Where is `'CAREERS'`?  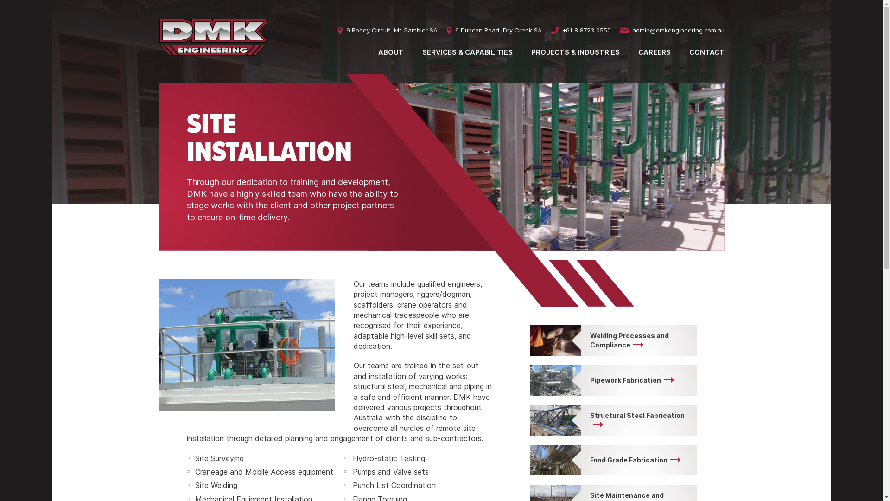
'CAREERS' is located at coordinates (654, 51).